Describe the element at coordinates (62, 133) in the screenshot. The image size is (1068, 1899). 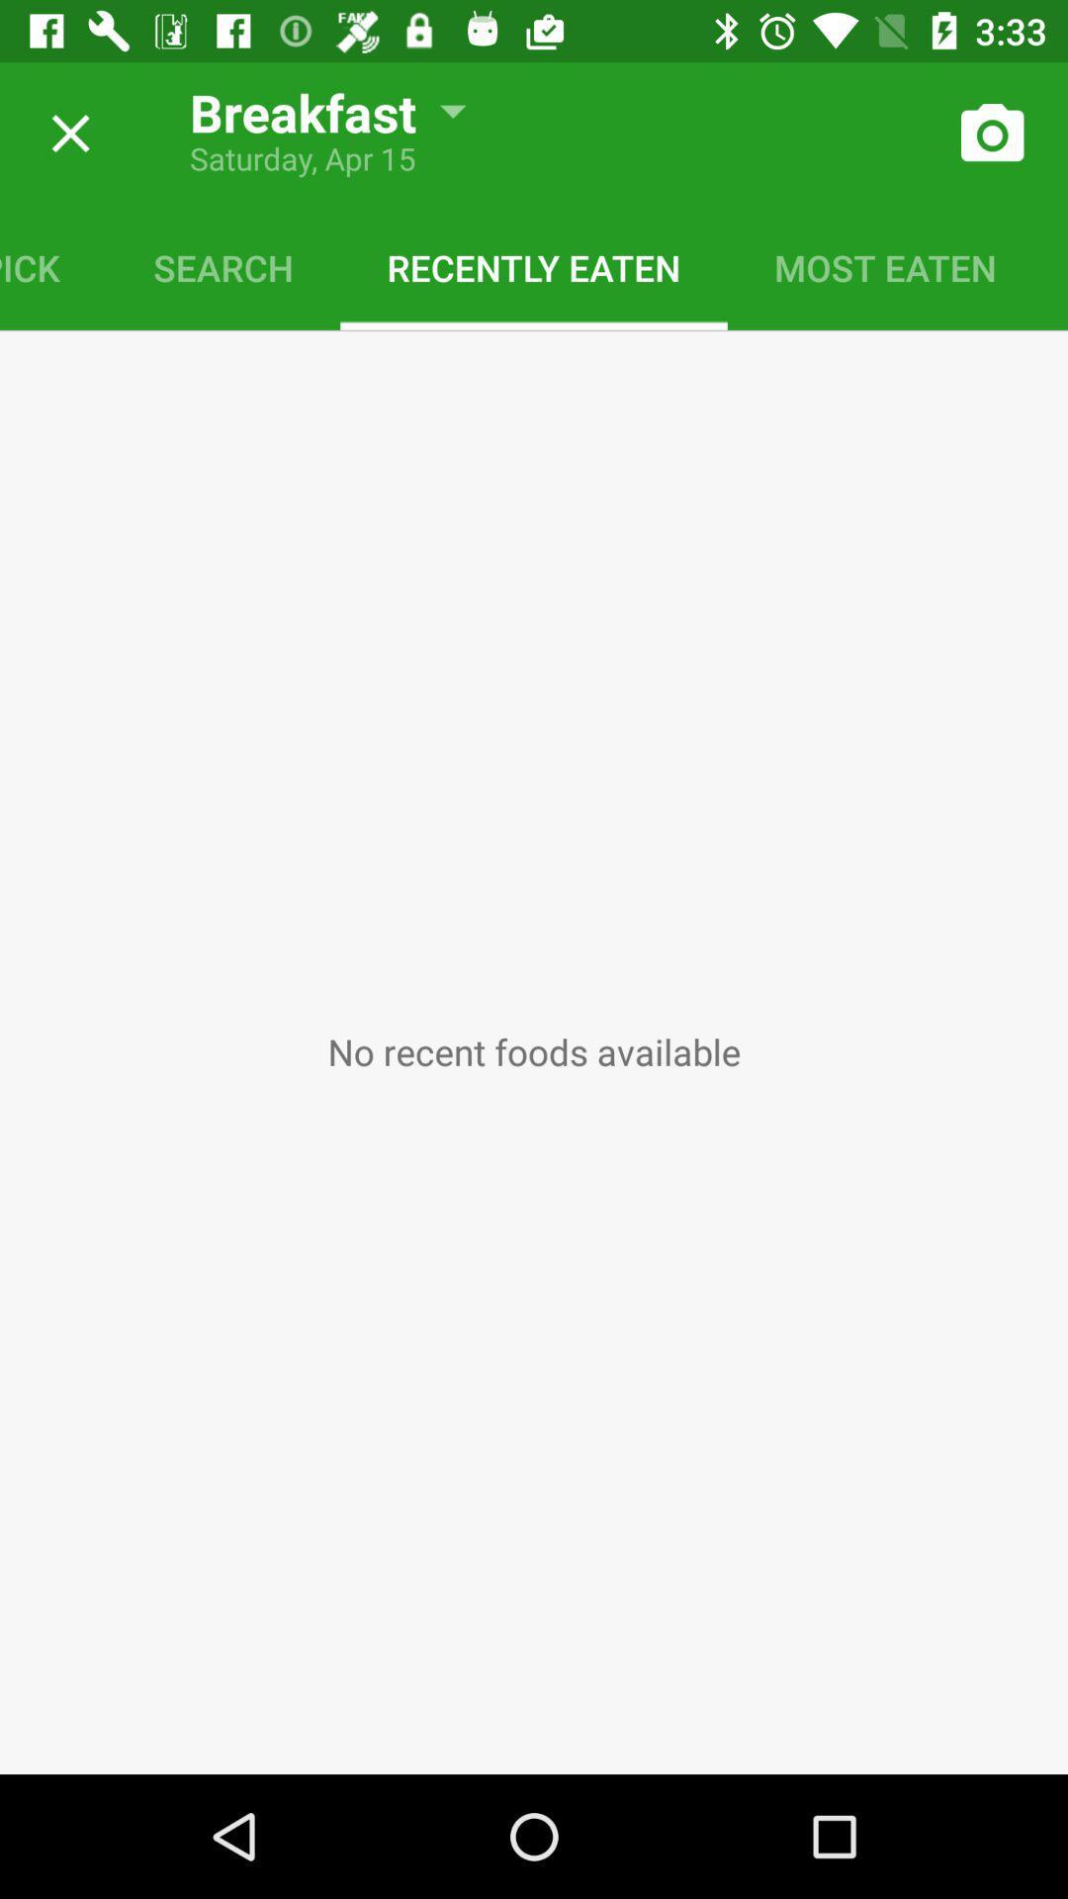
I see `option` at that location.